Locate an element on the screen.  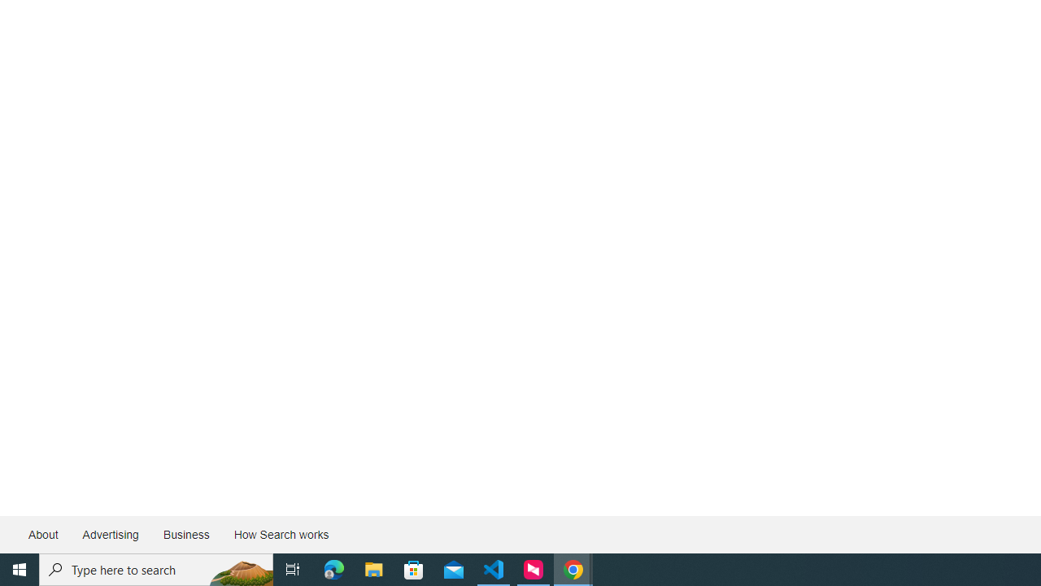
'About' is located at coordinates (43, 535).